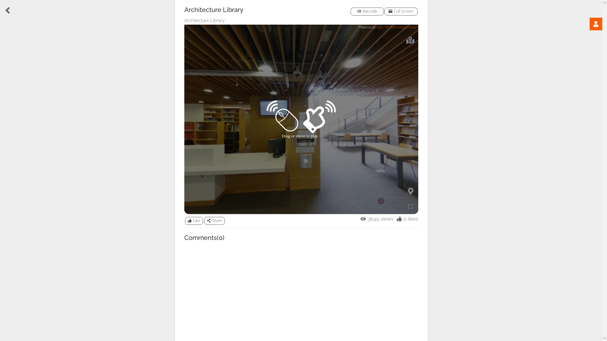  I want to click on 'Full Screen', so click(384, 11).